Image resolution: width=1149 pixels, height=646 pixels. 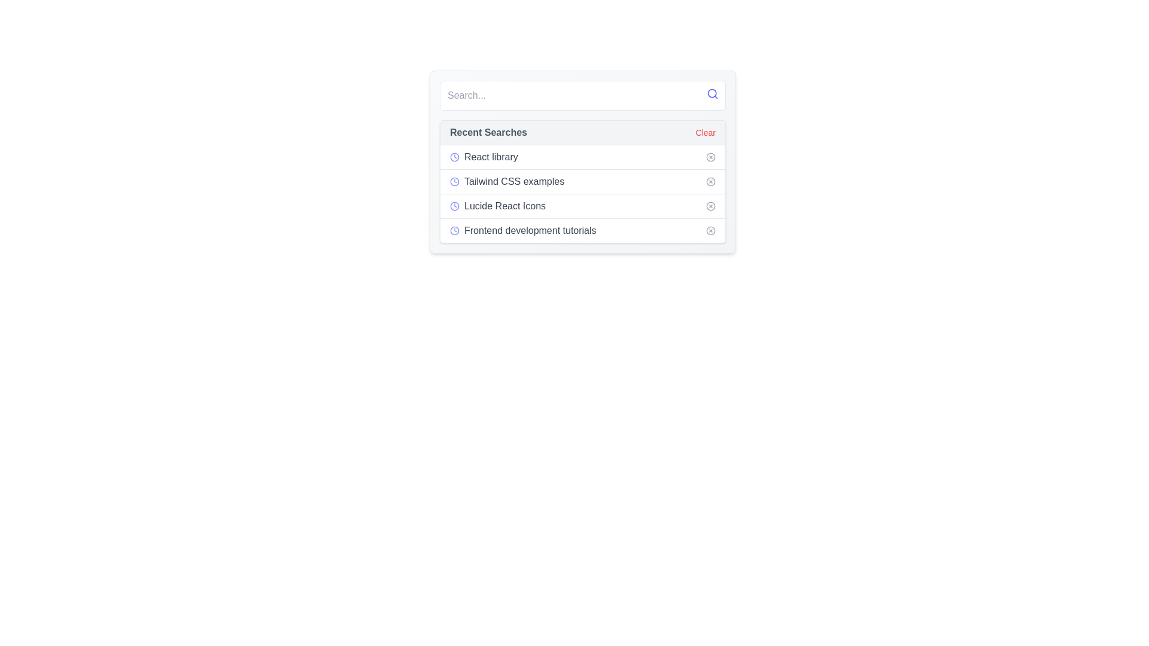 I want to click on the second list item representing the selectable suggestion for 'Tailwind CSS examples', so click(x=583, y=181).